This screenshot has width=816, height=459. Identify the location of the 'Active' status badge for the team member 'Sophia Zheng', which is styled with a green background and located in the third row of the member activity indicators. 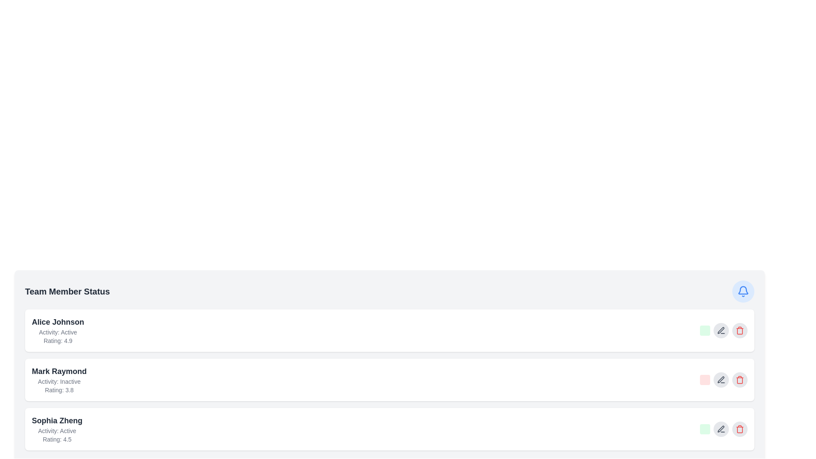
(705, 429).